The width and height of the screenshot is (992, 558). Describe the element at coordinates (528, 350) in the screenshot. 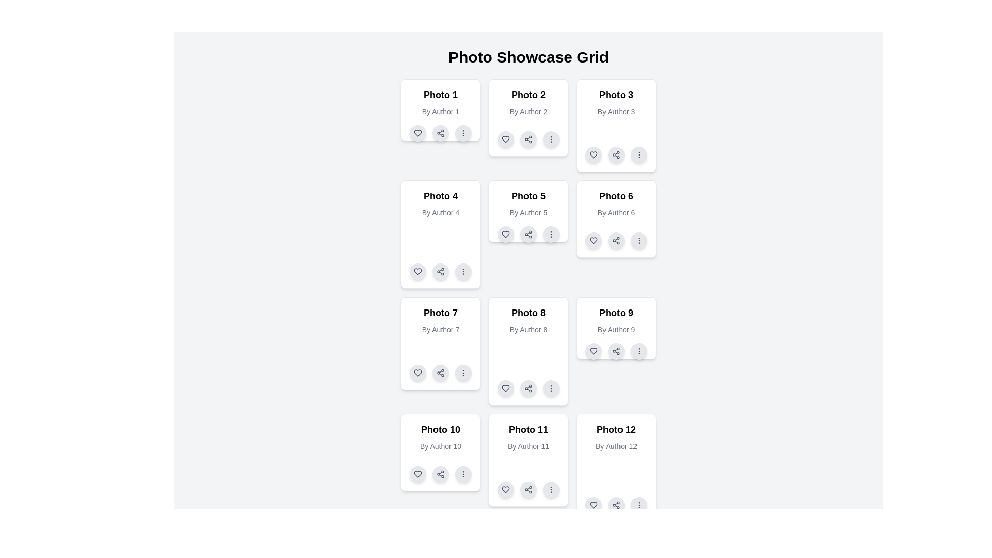

I see `the like button on the Content Card titled 'Photo 8', which features a white background and rounded corners, located in the middle column of the grid` at that location.